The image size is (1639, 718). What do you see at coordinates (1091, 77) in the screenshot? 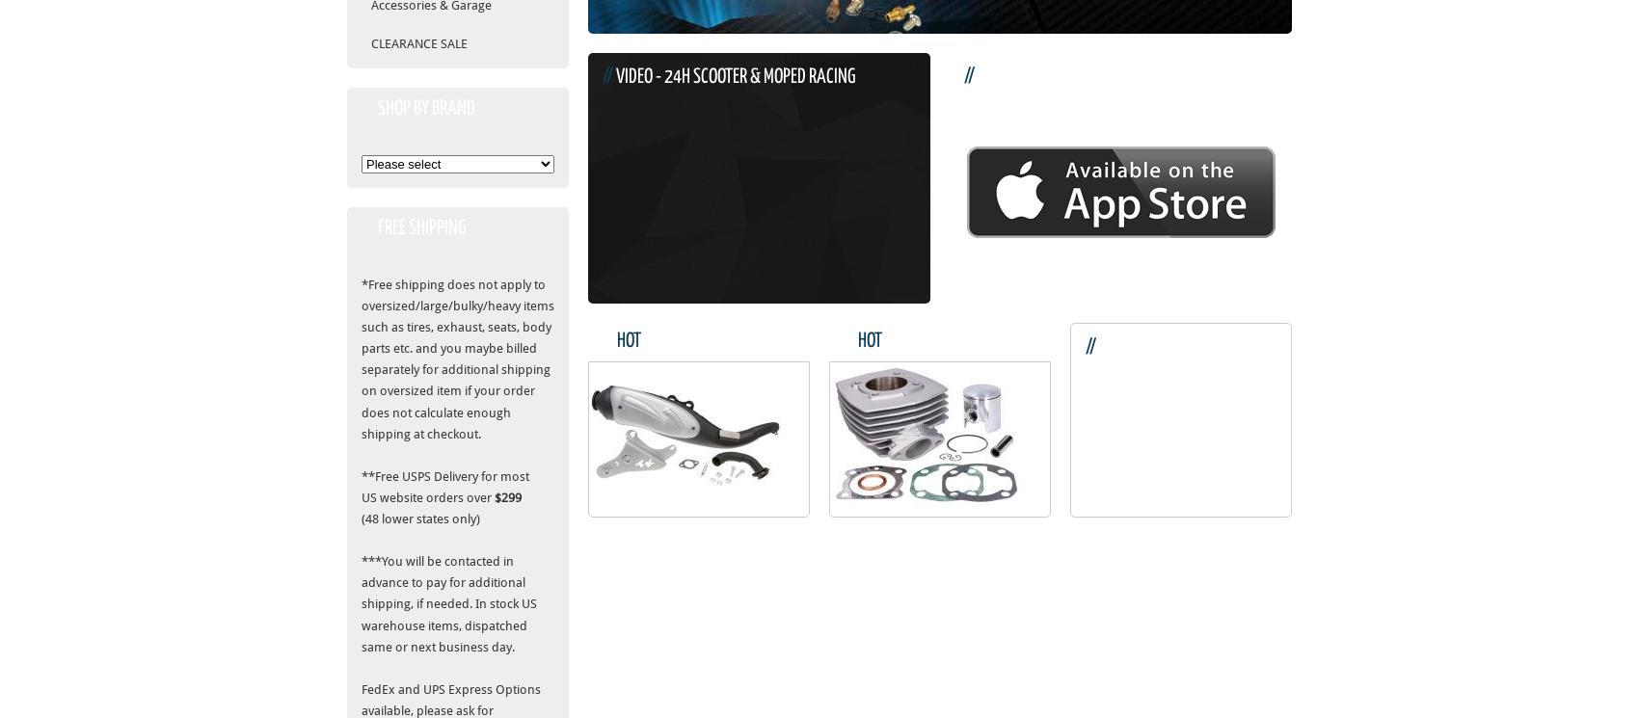
I see `'Download the Racing Planet App'` at bounding box center [1091, 77].